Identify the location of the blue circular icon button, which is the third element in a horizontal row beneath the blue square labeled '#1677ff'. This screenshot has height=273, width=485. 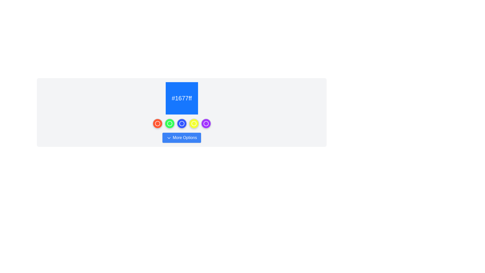
(182, 124).